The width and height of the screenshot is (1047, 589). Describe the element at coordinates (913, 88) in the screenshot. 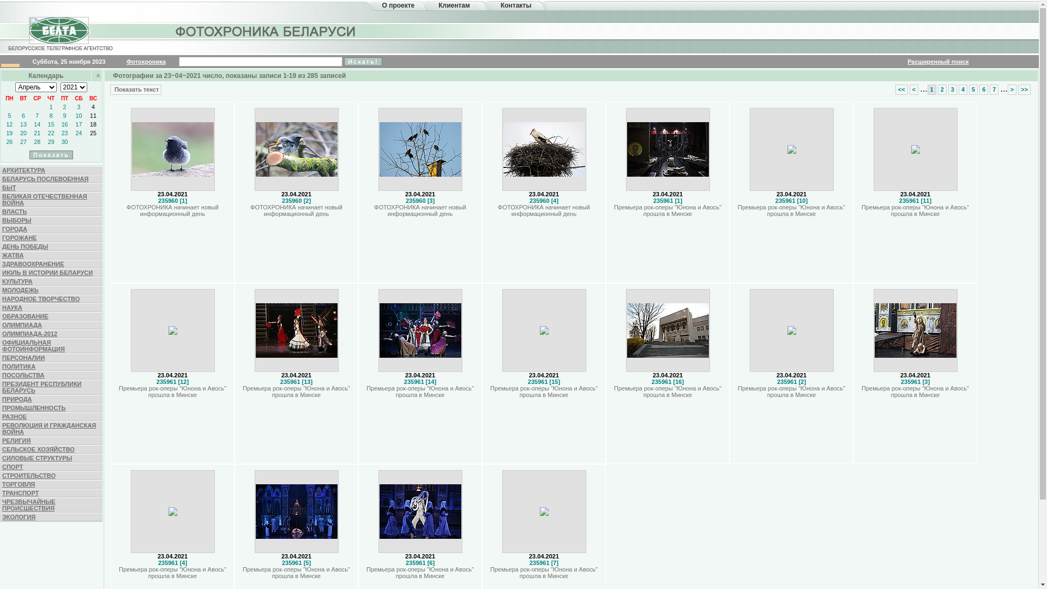

I see `'<'` at that location.